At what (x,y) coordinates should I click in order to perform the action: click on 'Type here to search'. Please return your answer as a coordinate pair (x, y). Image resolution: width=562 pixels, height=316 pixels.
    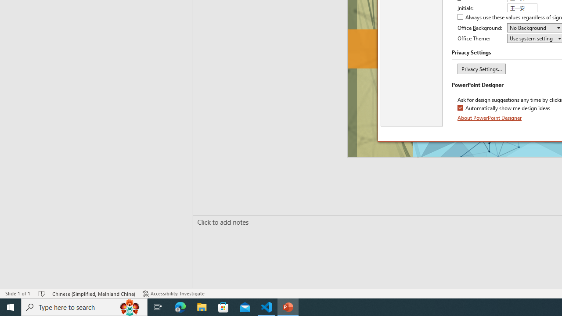
    Looking at the image, I should click on (84, 306).